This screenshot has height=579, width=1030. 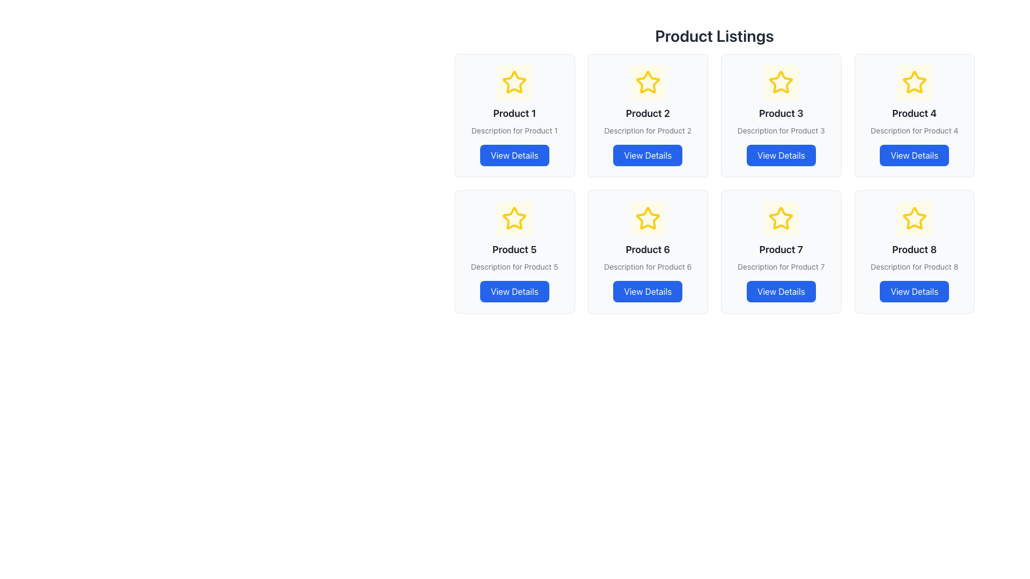 I want to click on text content of the gray-colored label that says 'Description for Product 8', which is the second text element below the heading 'Product 8' and above the 'View Details' button in the last card of the grid layout, so click(x=914, y=266).